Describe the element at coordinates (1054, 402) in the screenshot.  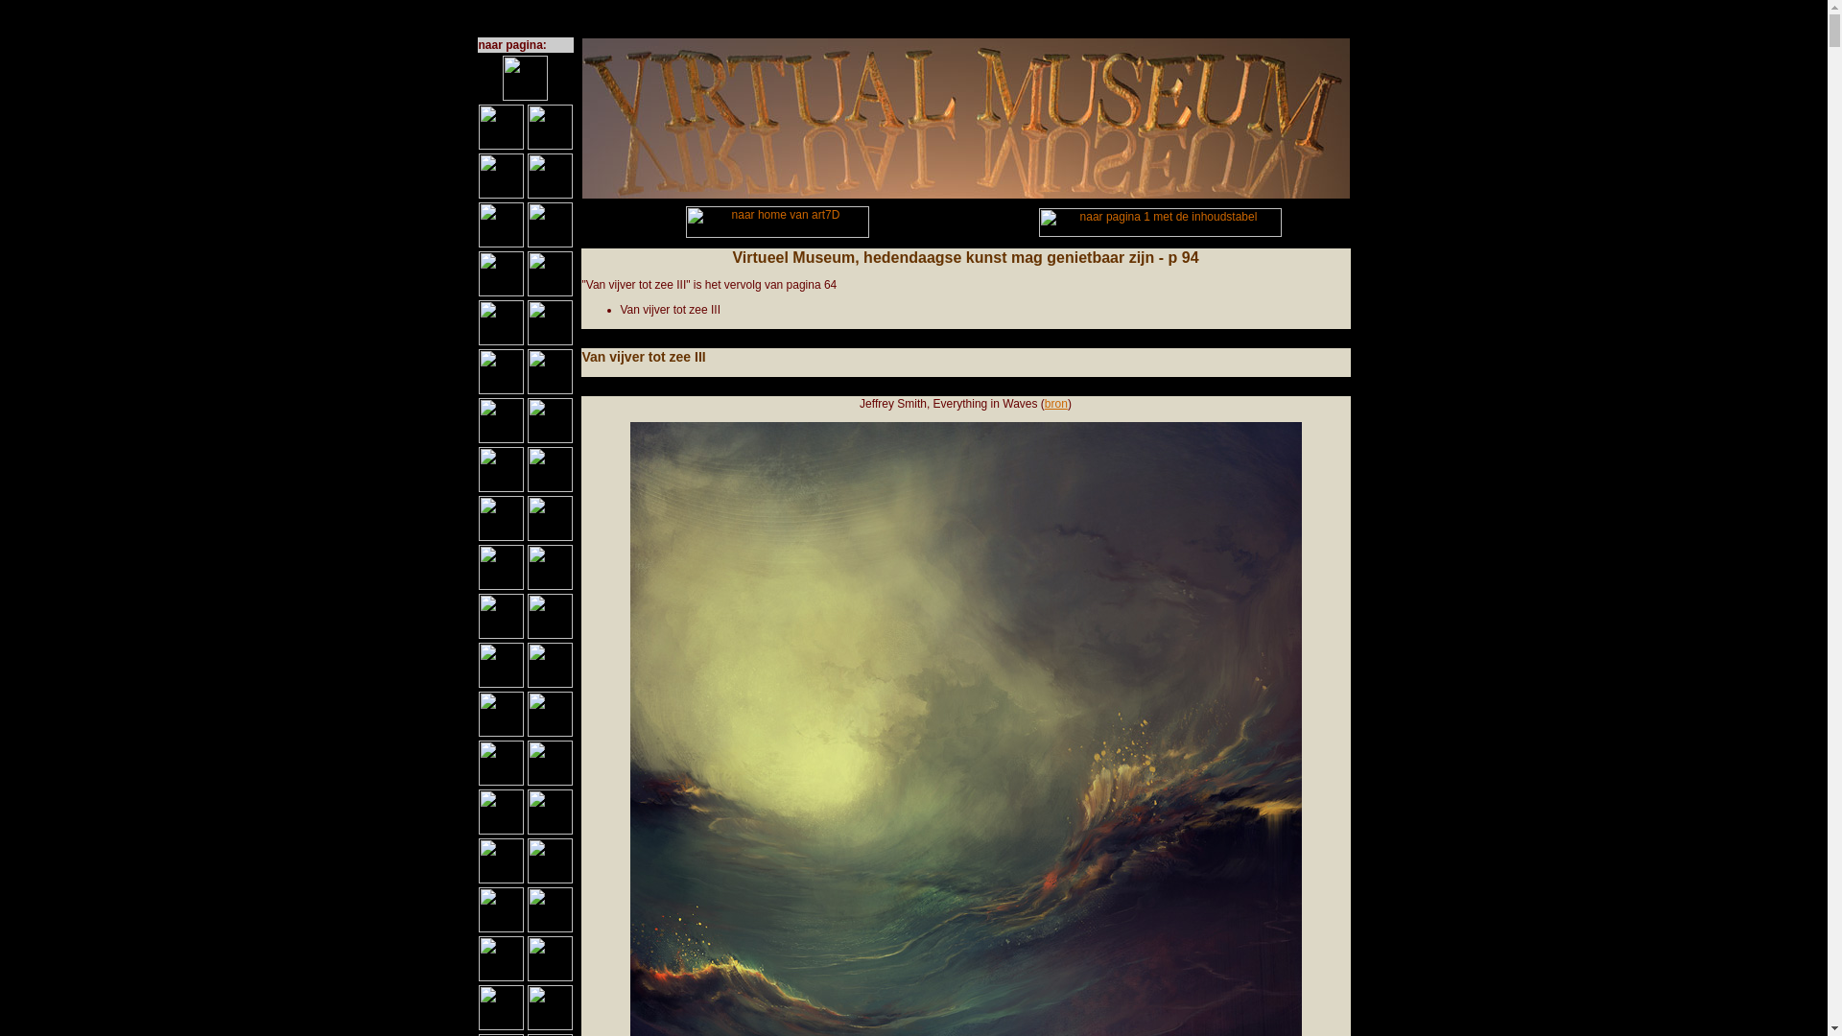
I see `'bron'` at that location.